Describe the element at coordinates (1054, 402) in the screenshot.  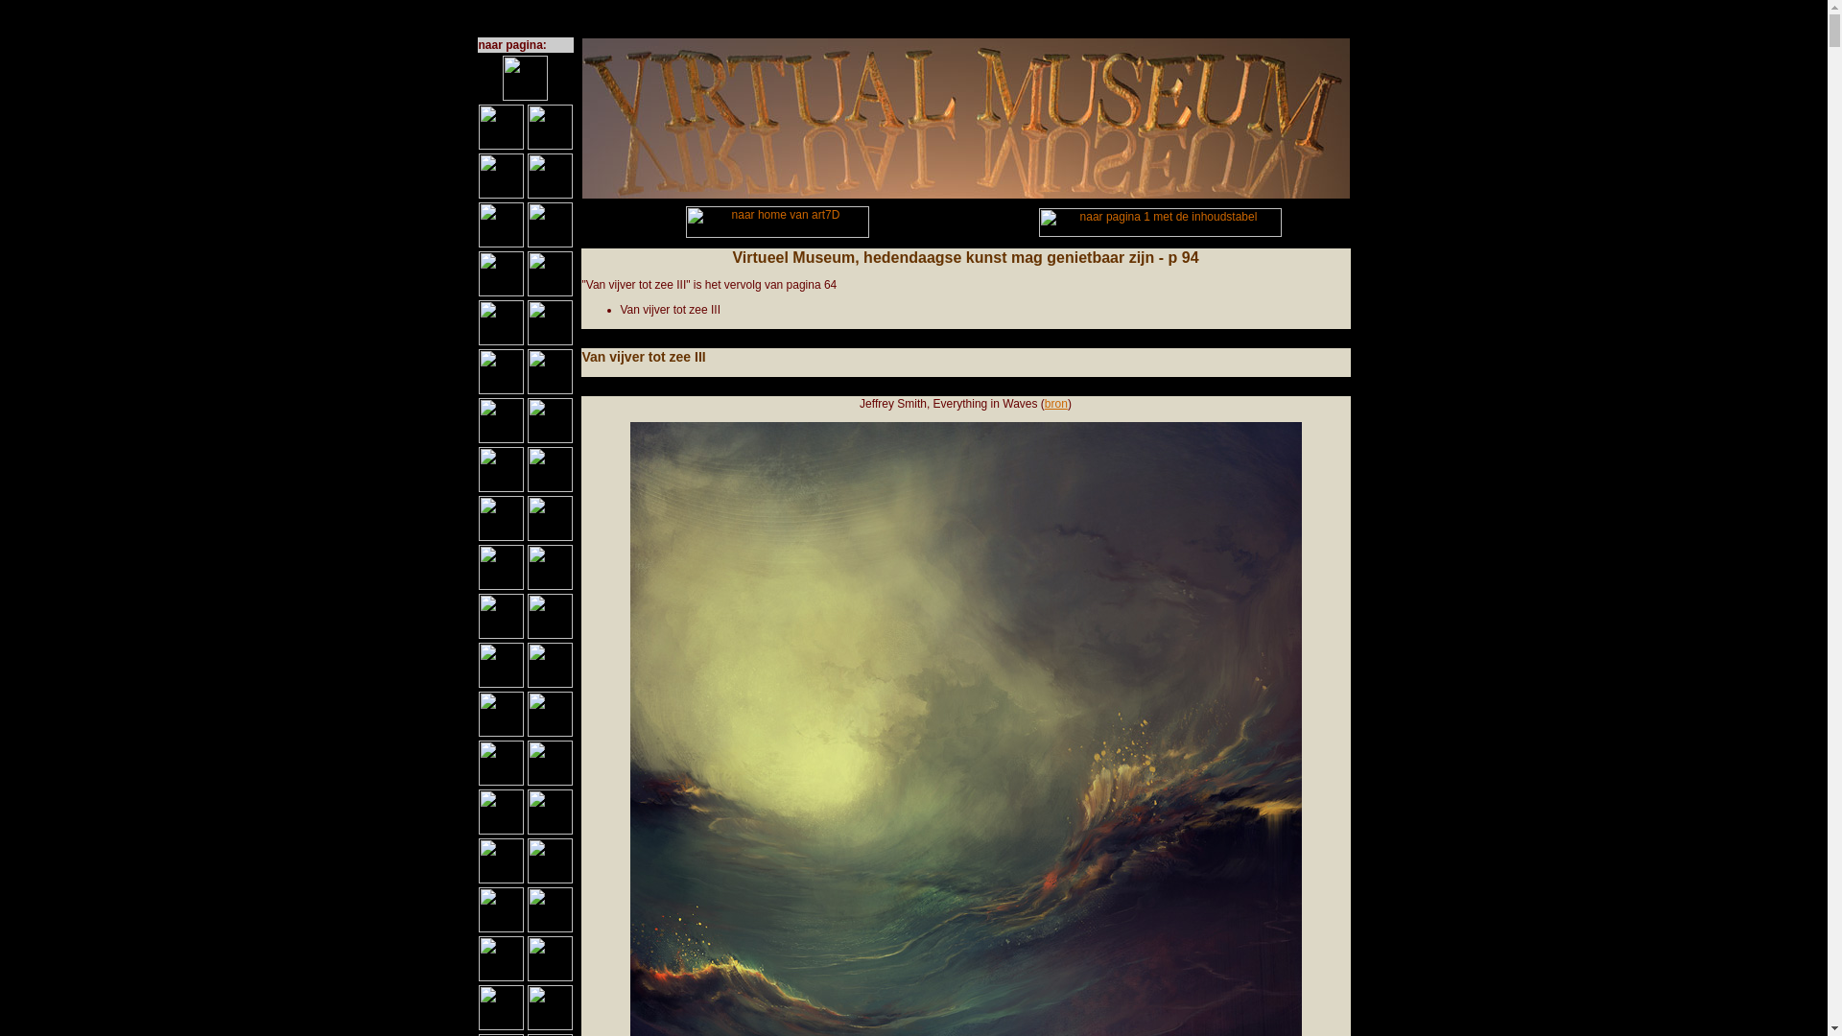
I see `'bron'` at that location.